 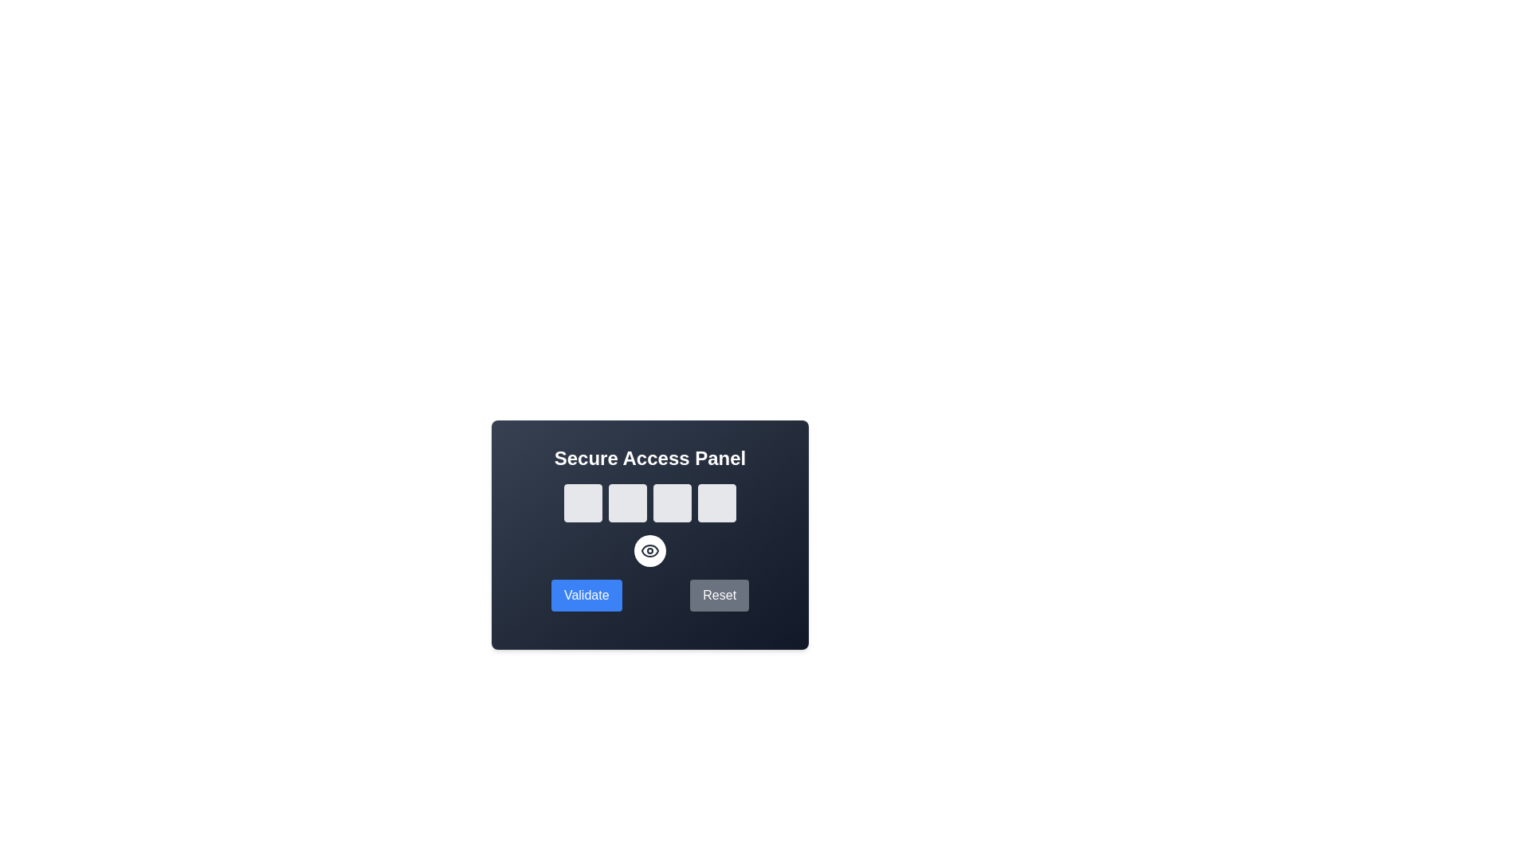 I want to click on the eye icon button located beneath the 'Secure Access Panel' input fields, so click(x=650, y=549).